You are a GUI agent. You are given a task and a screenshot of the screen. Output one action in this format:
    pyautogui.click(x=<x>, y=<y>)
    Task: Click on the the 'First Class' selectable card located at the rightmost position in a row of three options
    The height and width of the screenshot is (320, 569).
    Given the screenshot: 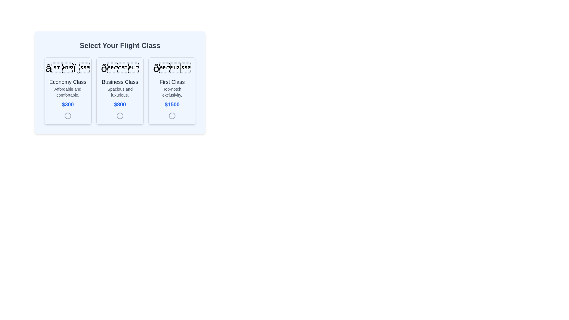 What is the action you would take?
    pyautogui.click(x=172, y=91)
    